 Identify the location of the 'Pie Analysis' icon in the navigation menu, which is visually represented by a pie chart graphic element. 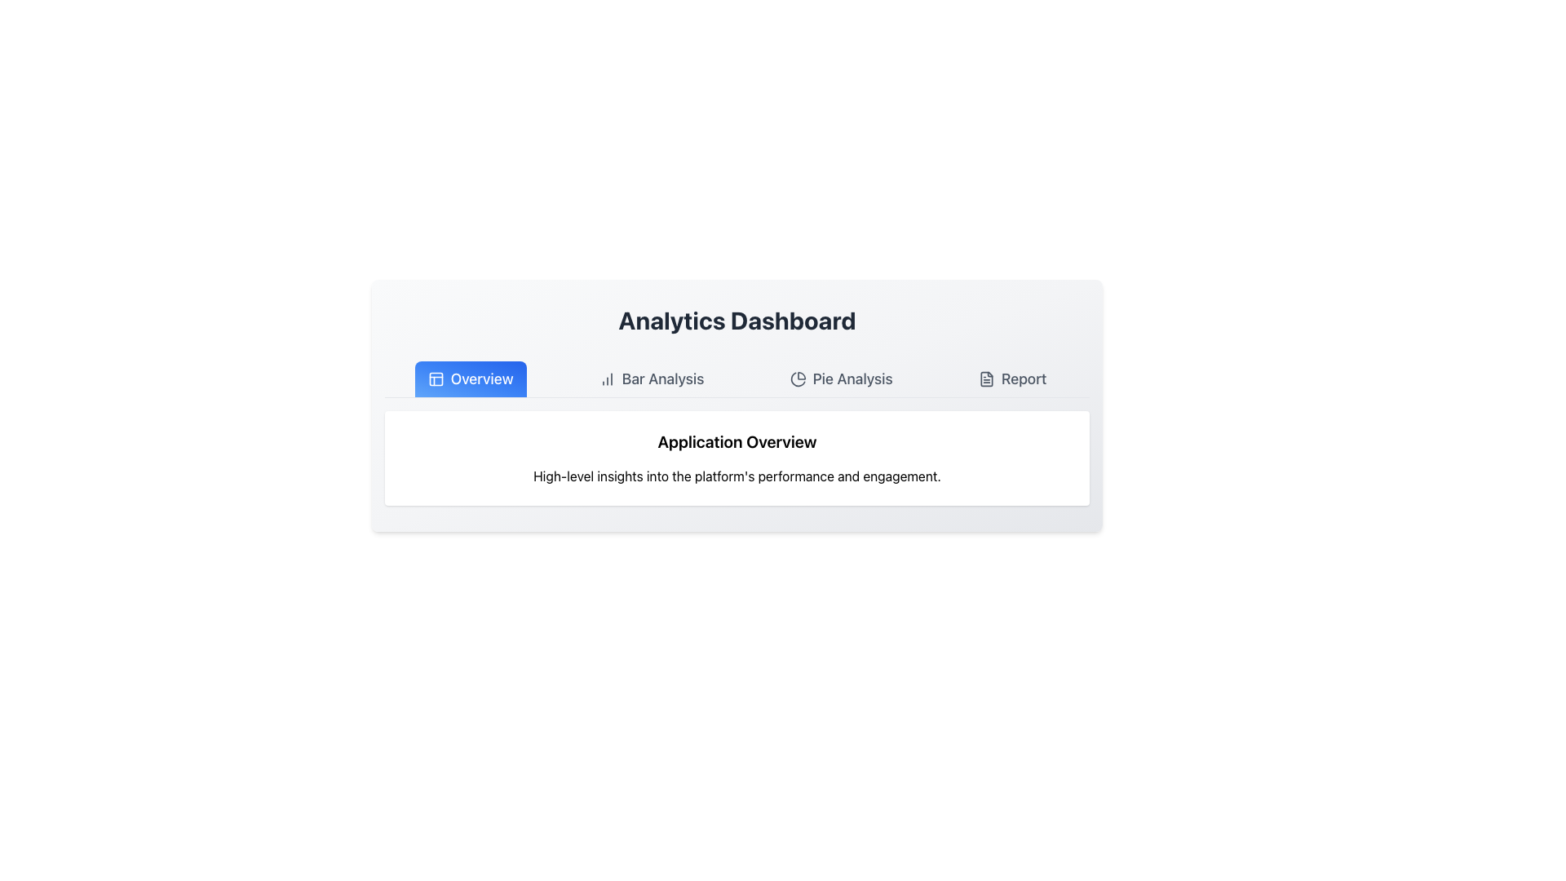
(798, 379).